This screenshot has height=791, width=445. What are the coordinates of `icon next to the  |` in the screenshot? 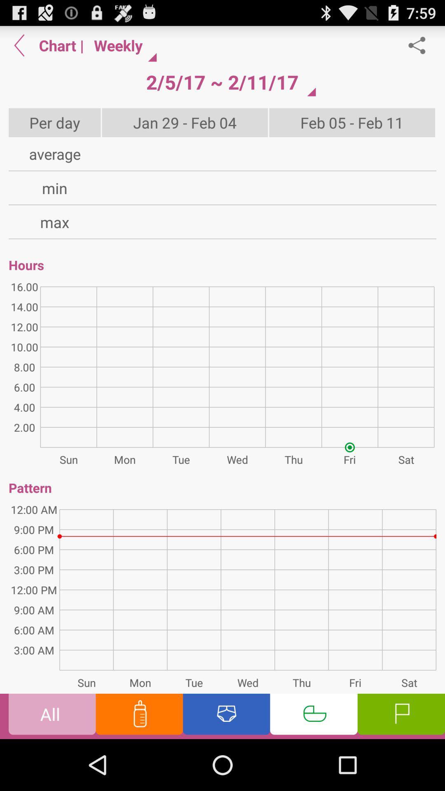 It's located at (122, 45).